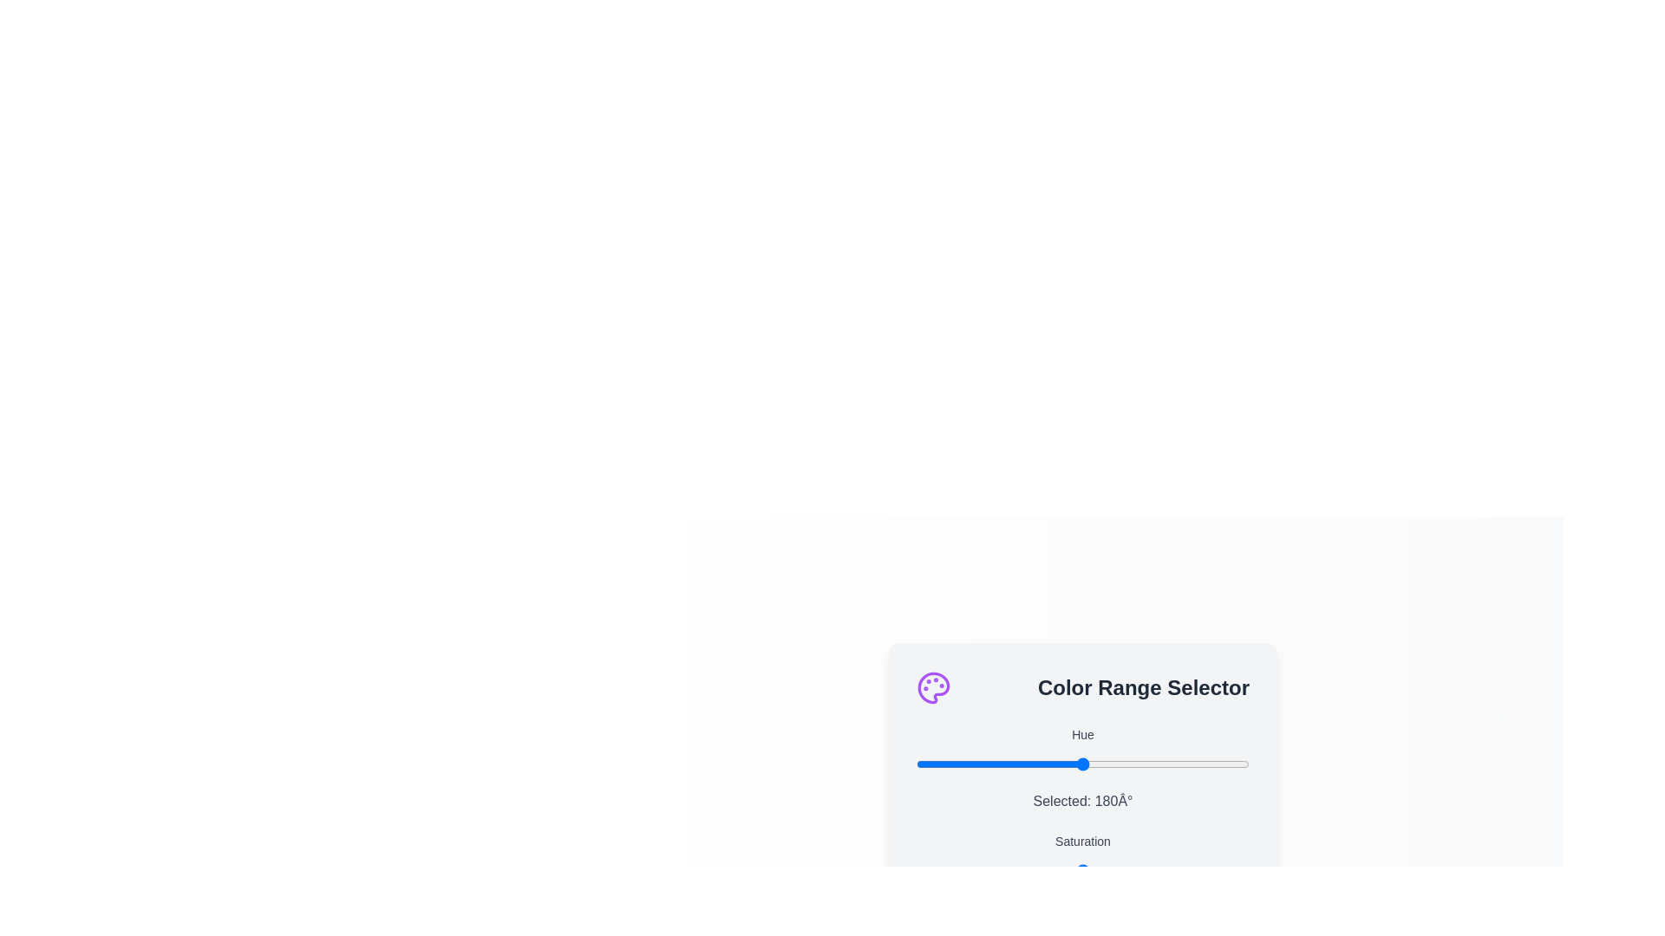 The width and height of the screenshot is (1665, 936). What do you see at coordinates (927, 763) in the screenshot?
I see `the hue` at bounding box center [927, 763].